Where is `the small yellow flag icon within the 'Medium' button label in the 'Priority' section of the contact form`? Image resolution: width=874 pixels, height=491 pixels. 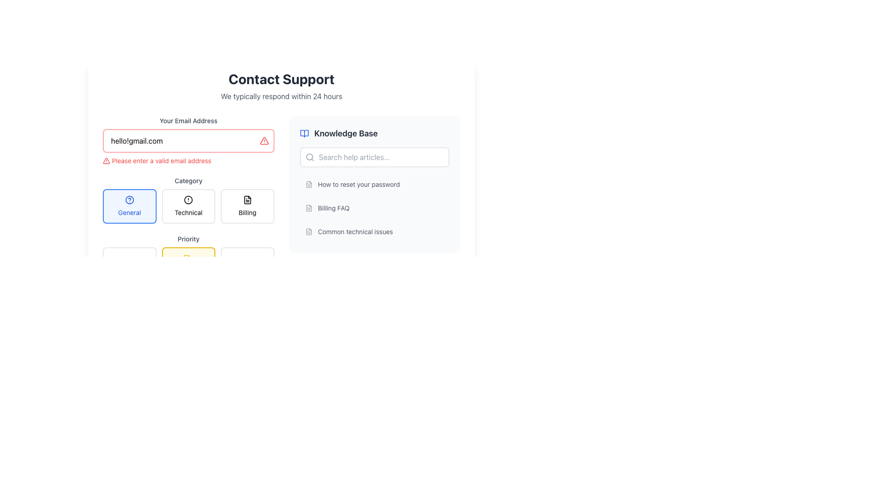 the small yellow flag icon within the 'Medium' button label in the 'Priority' section of the contact form is located at coordinates (186, 258).